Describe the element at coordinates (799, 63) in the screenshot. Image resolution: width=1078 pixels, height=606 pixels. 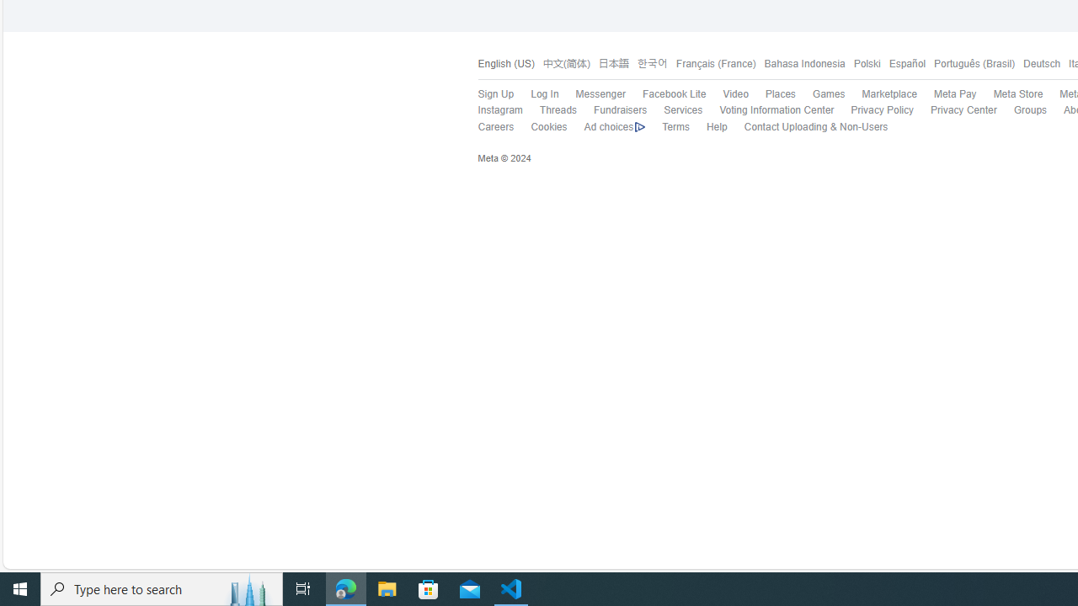
I see `'Bahasa Indonesia'` at that location.